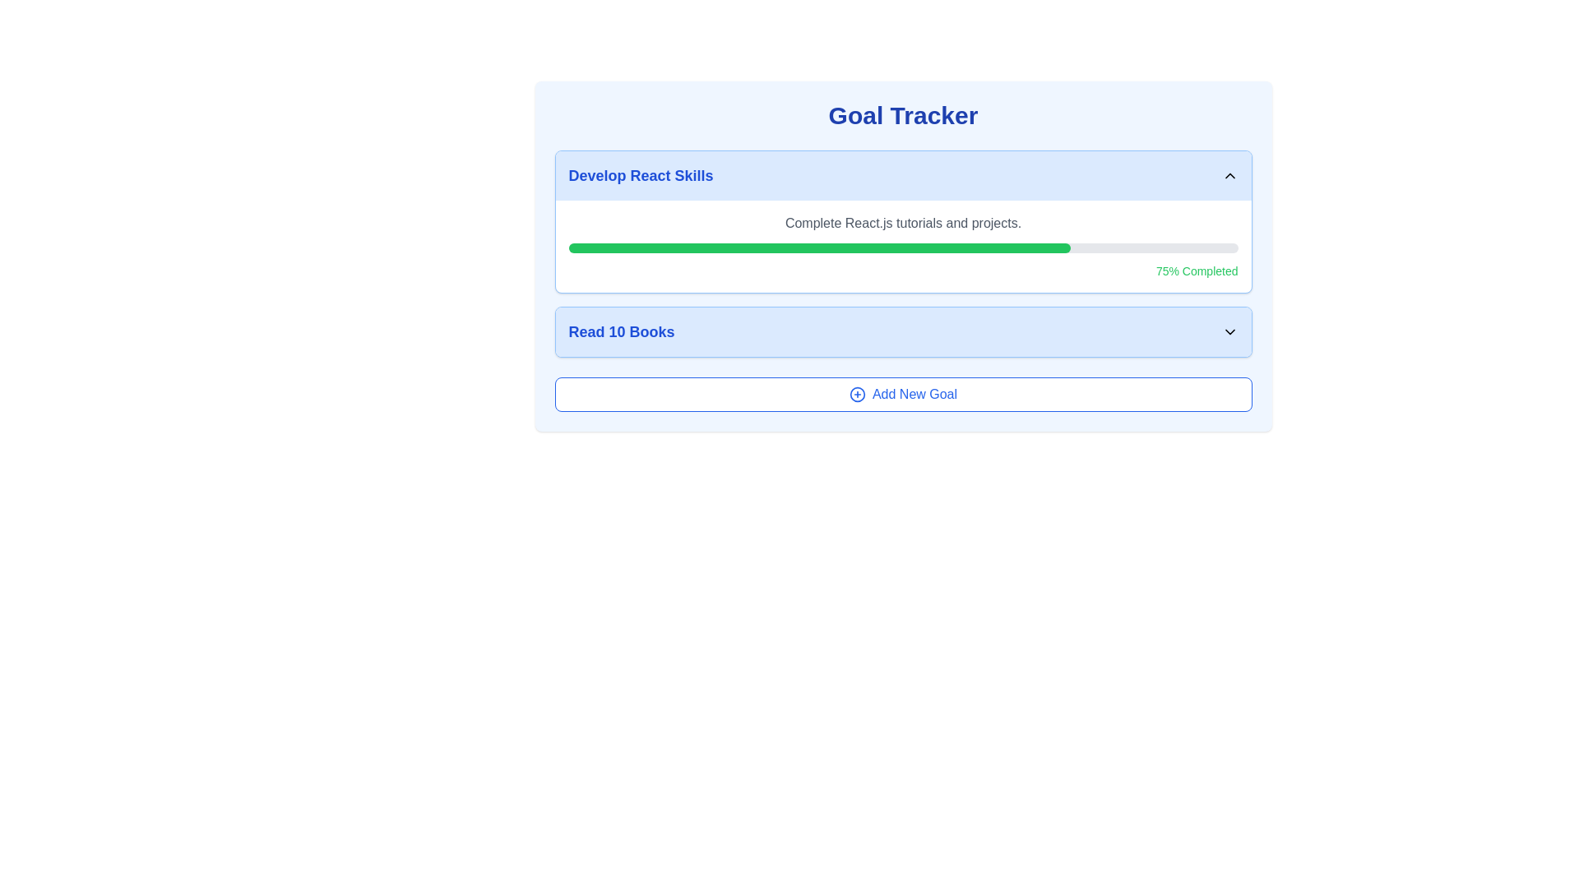 The width and height of the screenshot is (1579, 888). Describe the element at coordinates (1229, 332) in the screenshot. I see `the Chevron Down icon located at the far right-hand side of the 'Read 10 Books' section in the Goal Tracker layout` at that location.